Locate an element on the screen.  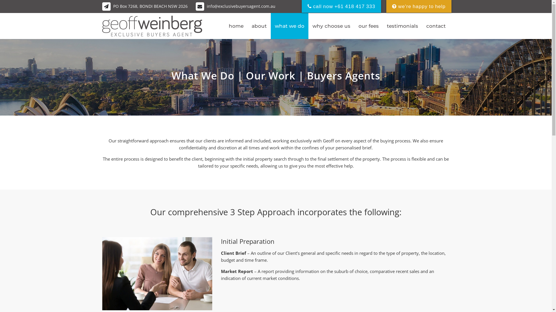
'call now +61 418 417 333' is located at coordinates (341, 6).